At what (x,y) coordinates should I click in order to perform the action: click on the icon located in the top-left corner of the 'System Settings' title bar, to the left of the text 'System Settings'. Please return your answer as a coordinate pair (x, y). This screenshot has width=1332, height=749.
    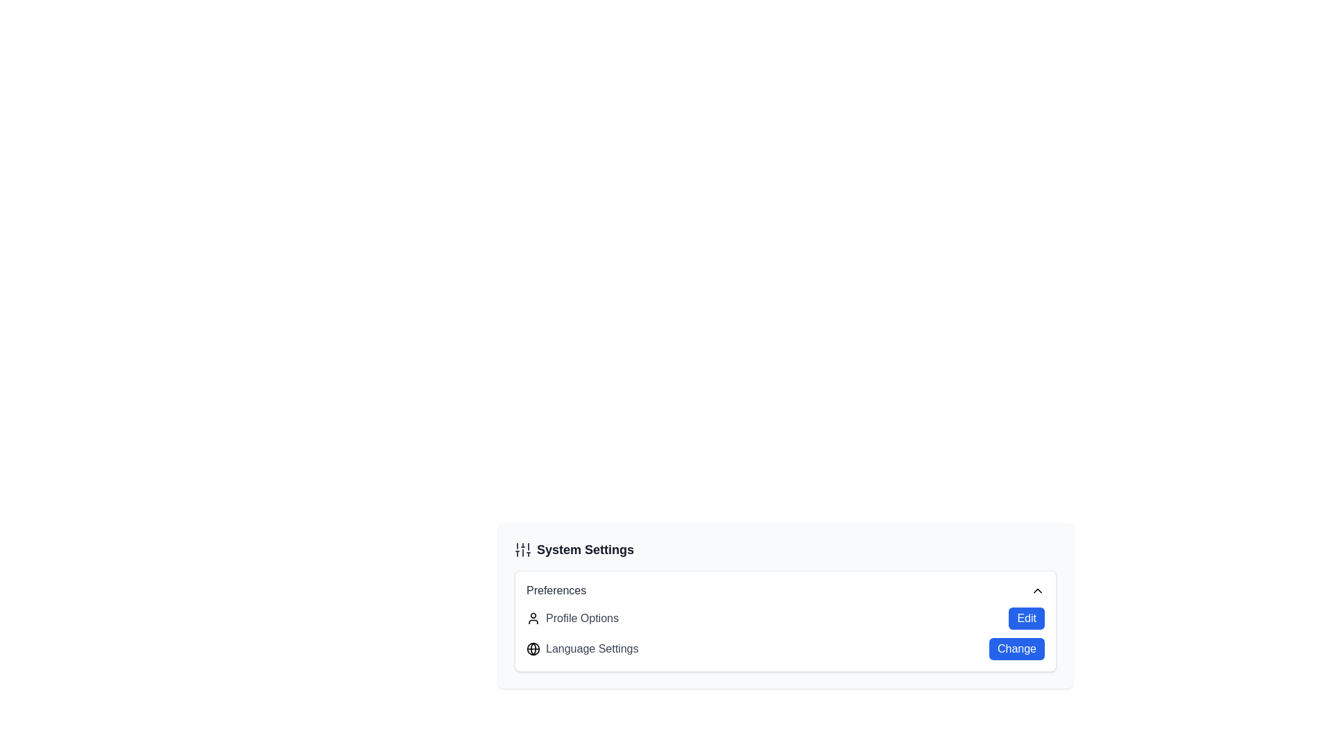
    Looking at the image, I should click on (522, 549).